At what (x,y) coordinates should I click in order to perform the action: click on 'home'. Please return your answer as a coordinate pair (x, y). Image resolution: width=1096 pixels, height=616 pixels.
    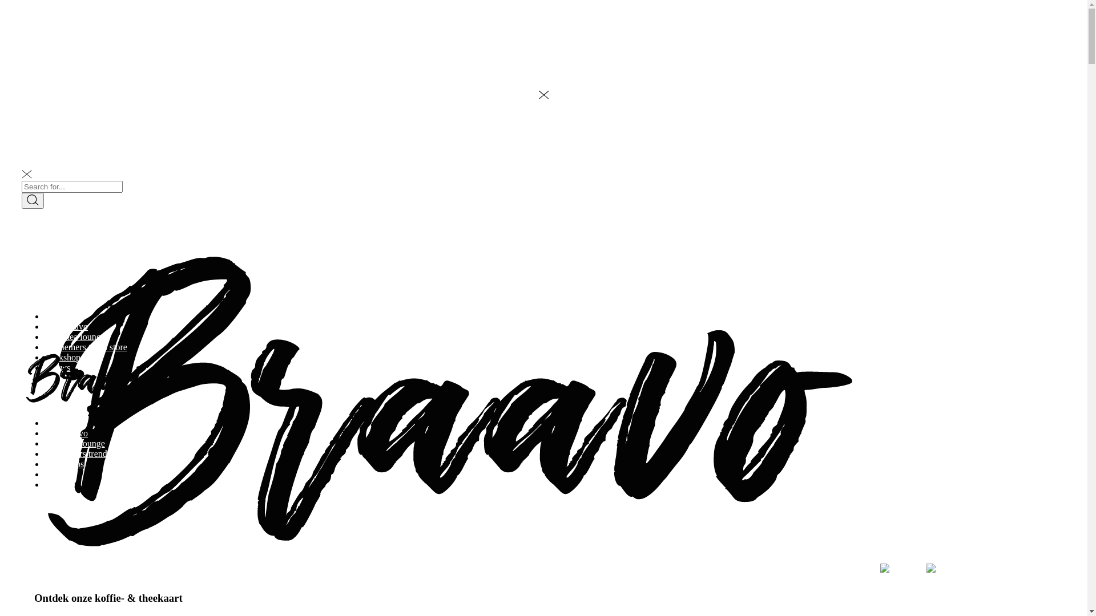
    Looking at the image, I should click on (54, 423).